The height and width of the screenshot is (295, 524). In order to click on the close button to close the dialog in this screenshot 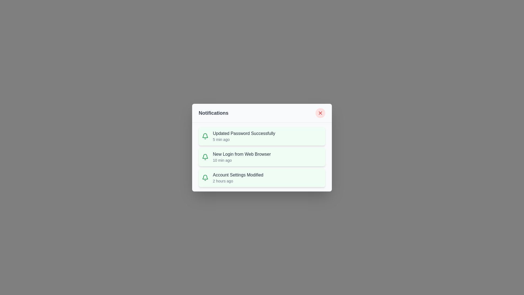, I will do `click(320, 113)`.